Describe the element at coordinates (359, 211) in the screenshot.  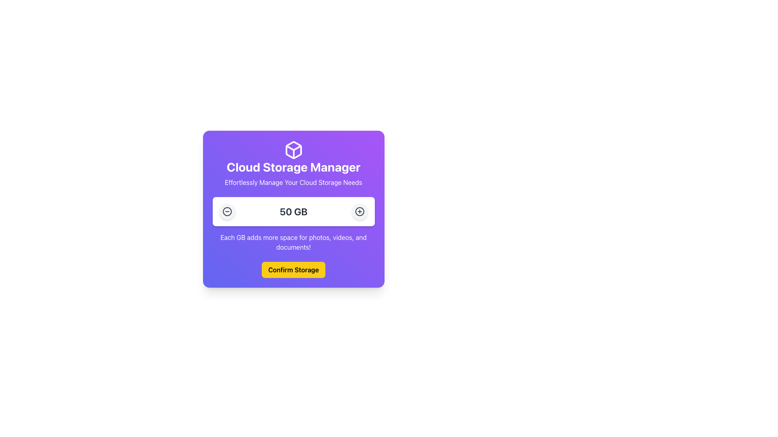
I see `the circular icon button with a plus sign, located to the right of the '50 GB' text, within a rounded button-like component at the bottom right of the input area` at that location.